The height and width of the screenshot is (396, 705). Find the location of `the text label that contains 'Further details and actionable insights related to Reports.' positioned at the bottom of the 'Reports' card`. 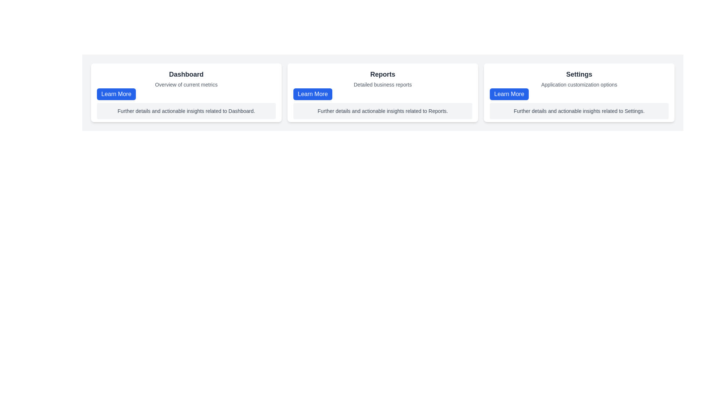

the text label that contains 'Further details and actionable insights related to Reports.' positioned at the bottom of the 'Reports' card is located at coordinates (382, 111).